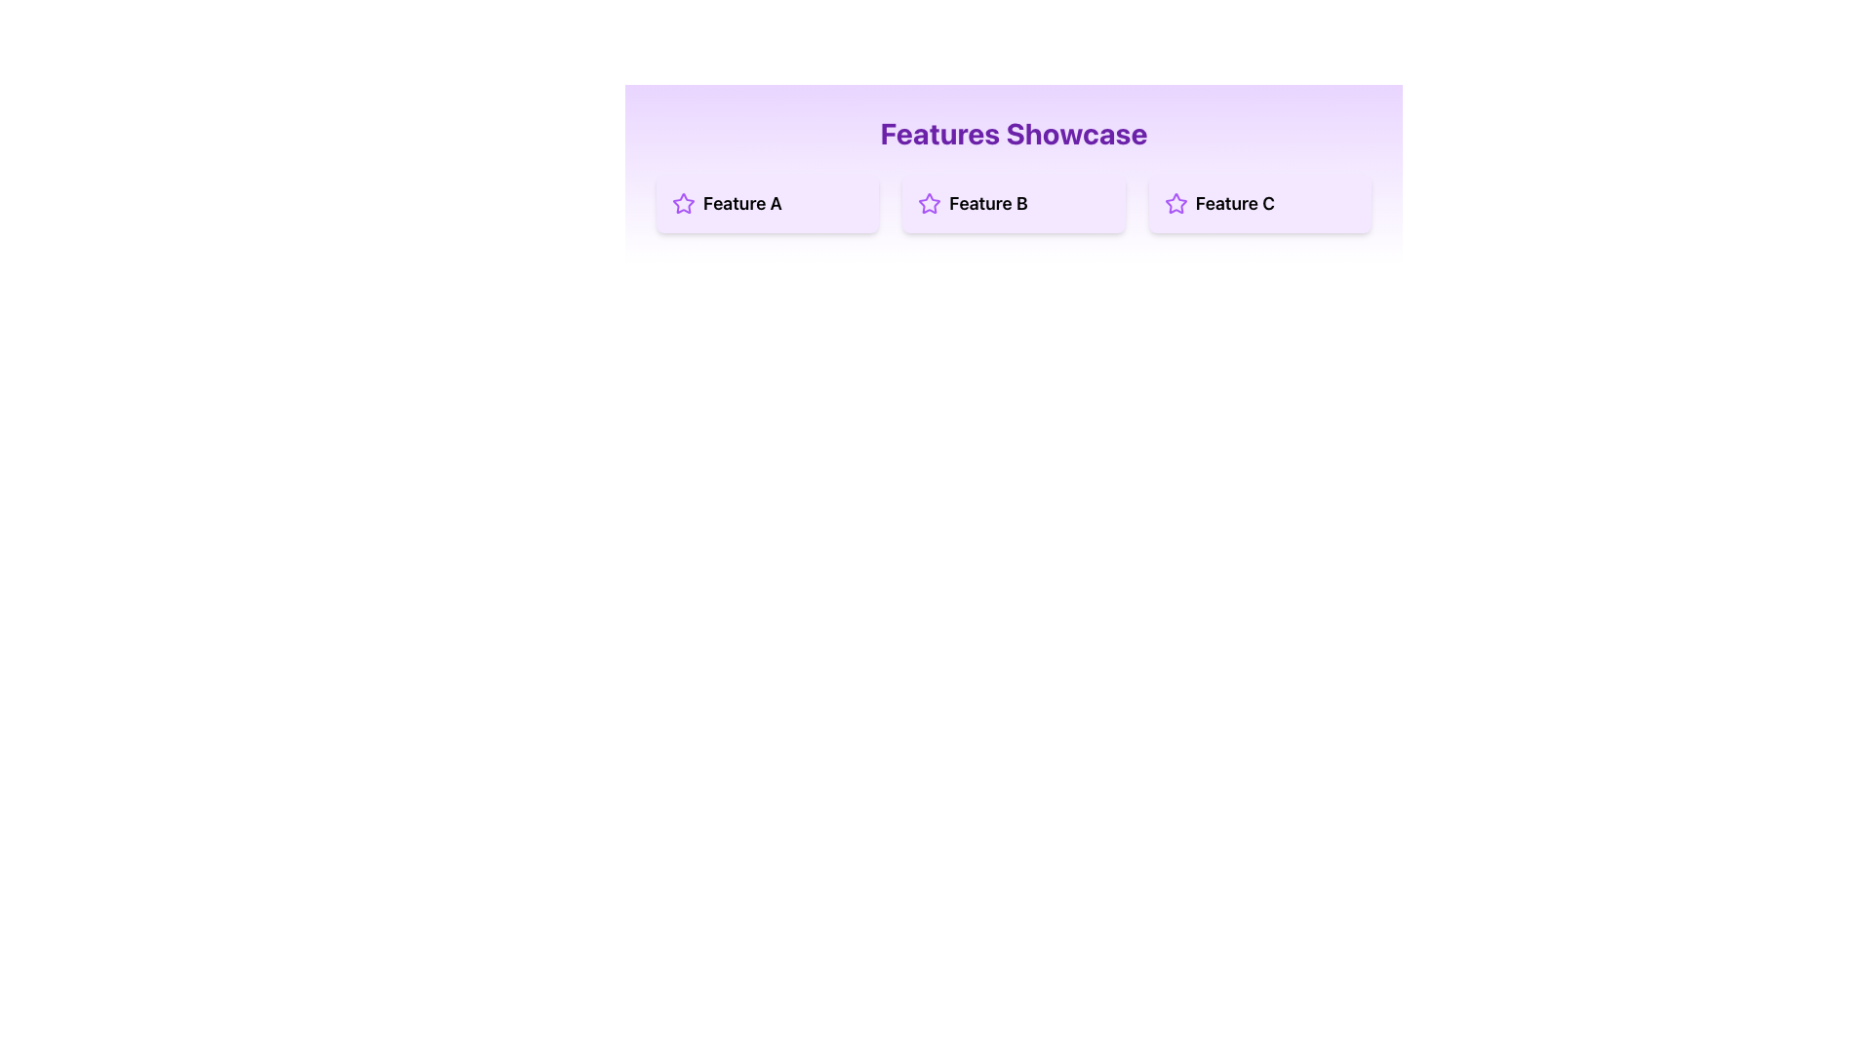  I want to click on the purple star-shaped outline icon located to the left of the text 'Feature A' in the Features Showcase group, so click(683, 203).